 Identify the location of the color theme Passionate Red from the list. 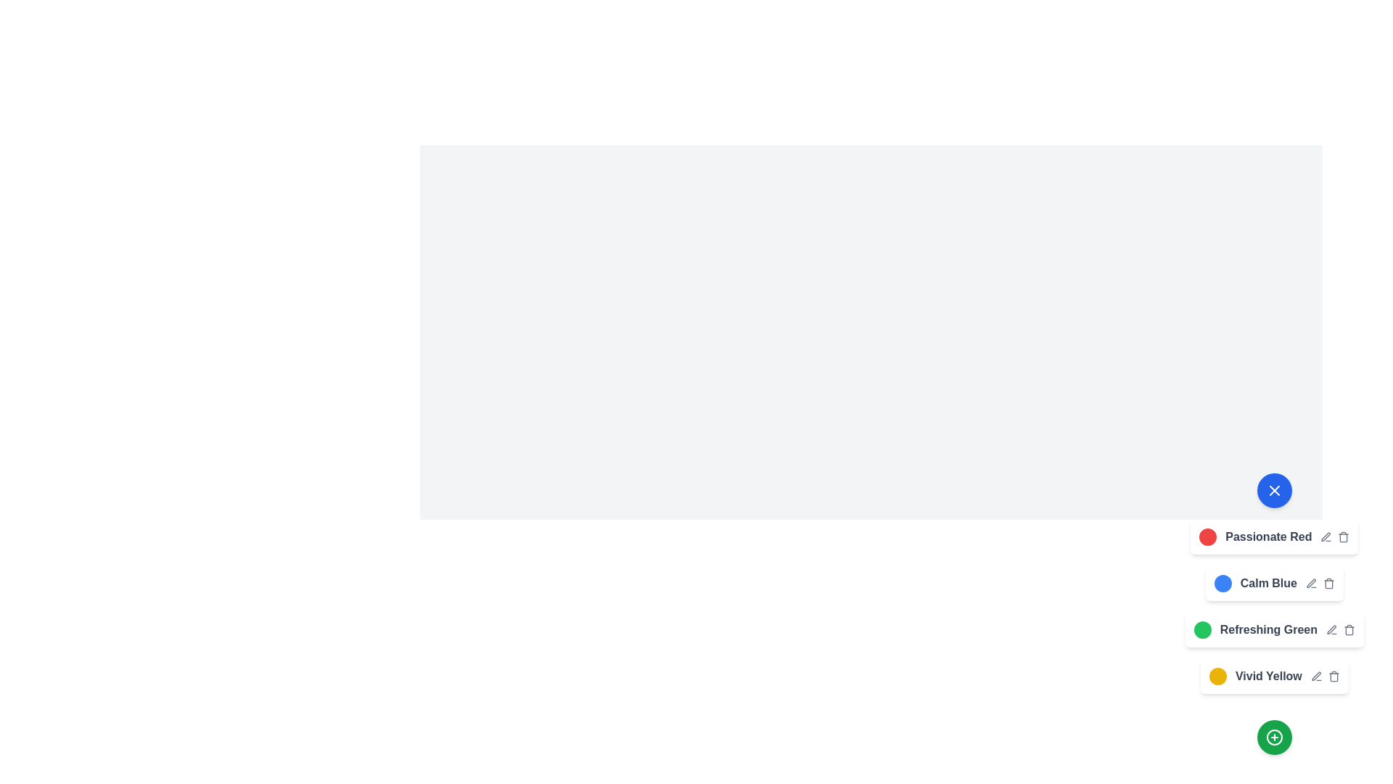
(1208, 537).